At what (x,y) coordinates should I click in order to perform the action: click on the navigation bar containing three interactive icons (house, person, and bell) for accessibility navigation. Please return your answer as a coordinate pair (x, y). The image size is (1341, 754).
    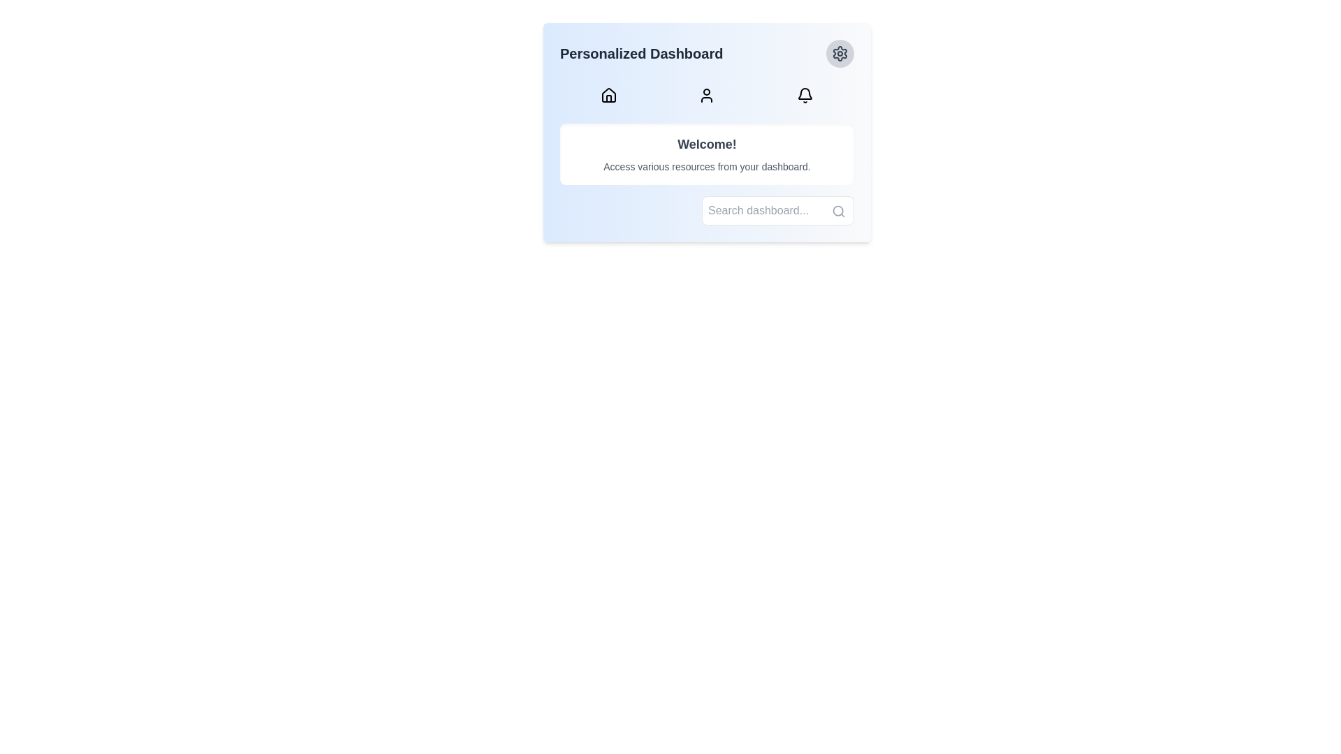
    Looking at the image, I should click on (707, 95).